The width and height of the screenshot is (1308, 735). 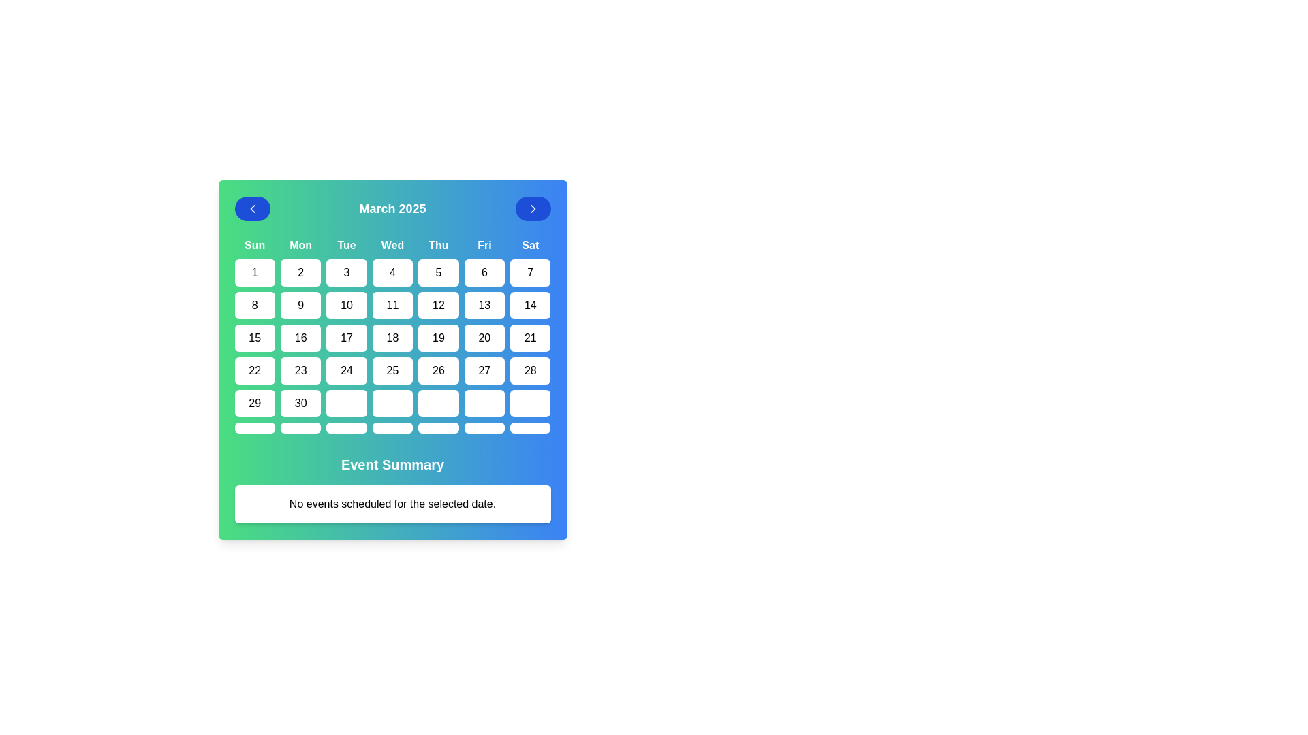 What do you see at coordinates (346, 370) in the screenshot?
I see `the button representing March 24, Tuesday in the calendar grid, which is the fourth cell from the left in the last week of March 2025` at bounding box center [346, 370].